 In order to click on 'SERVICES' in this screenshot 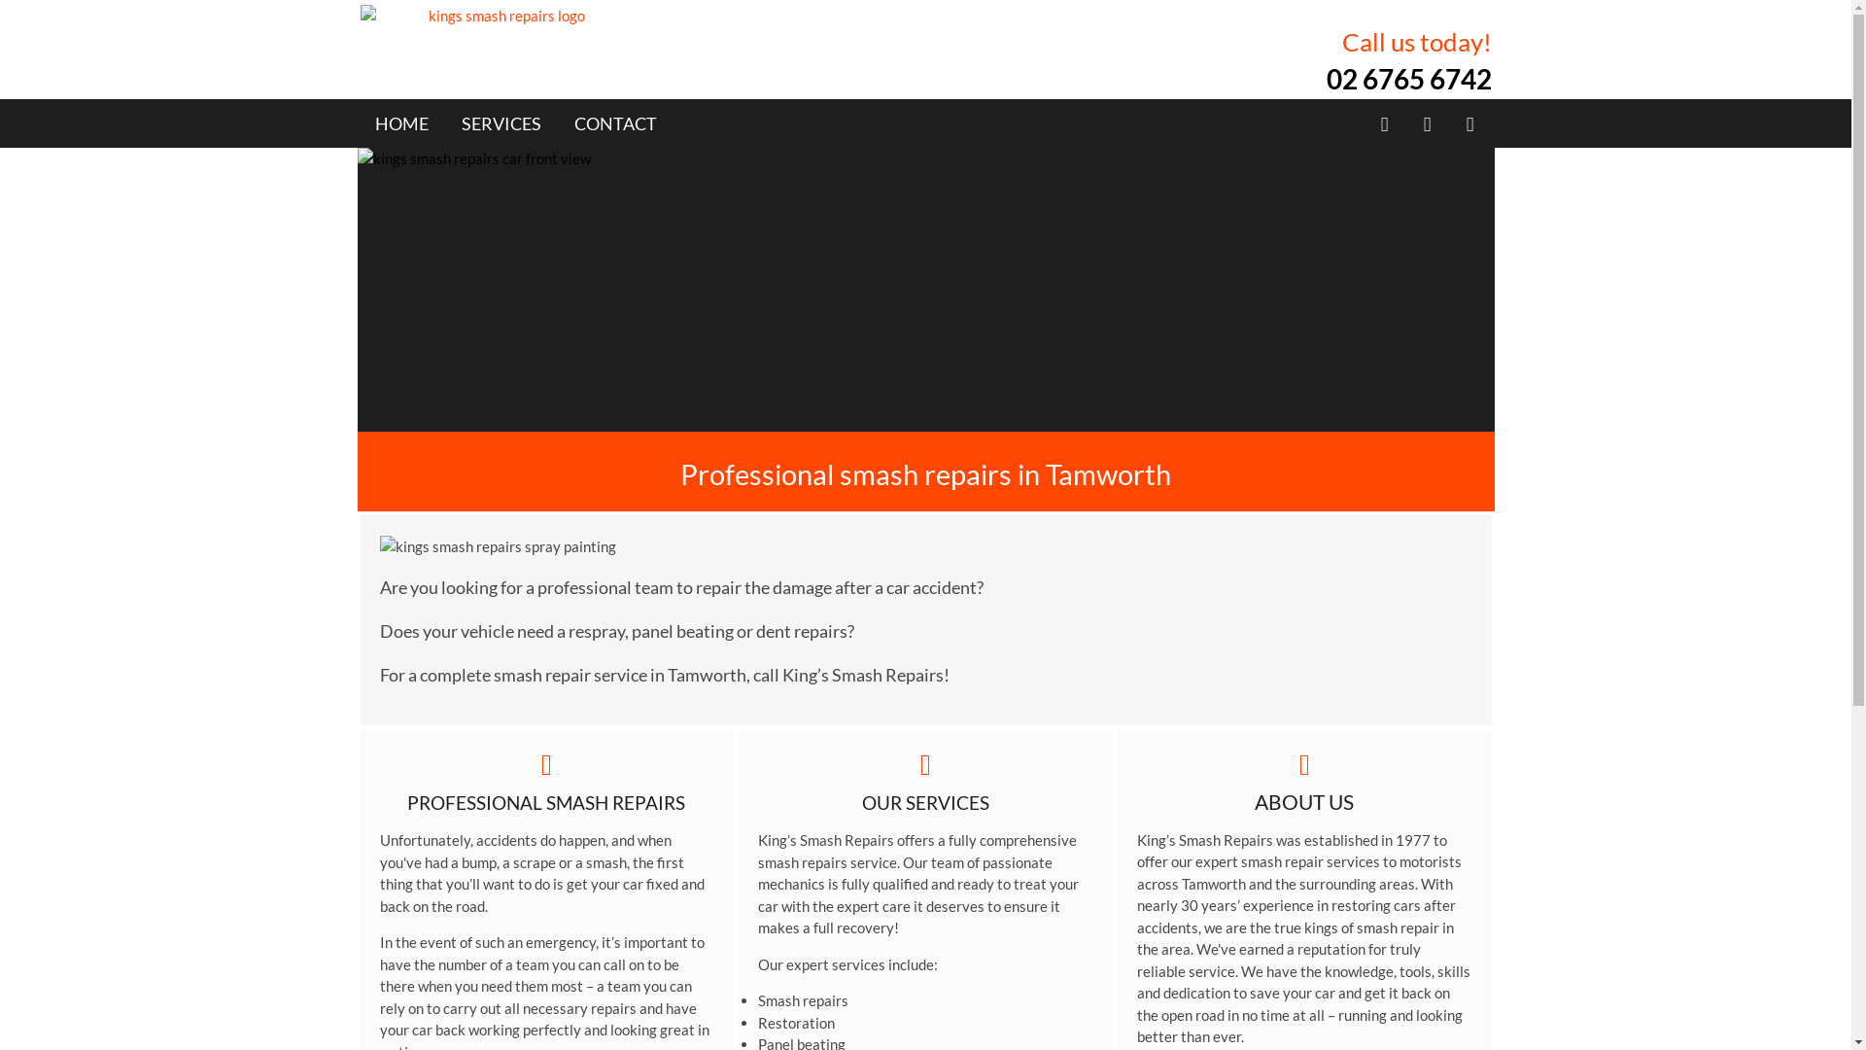, I will do `click(500, 123)`.